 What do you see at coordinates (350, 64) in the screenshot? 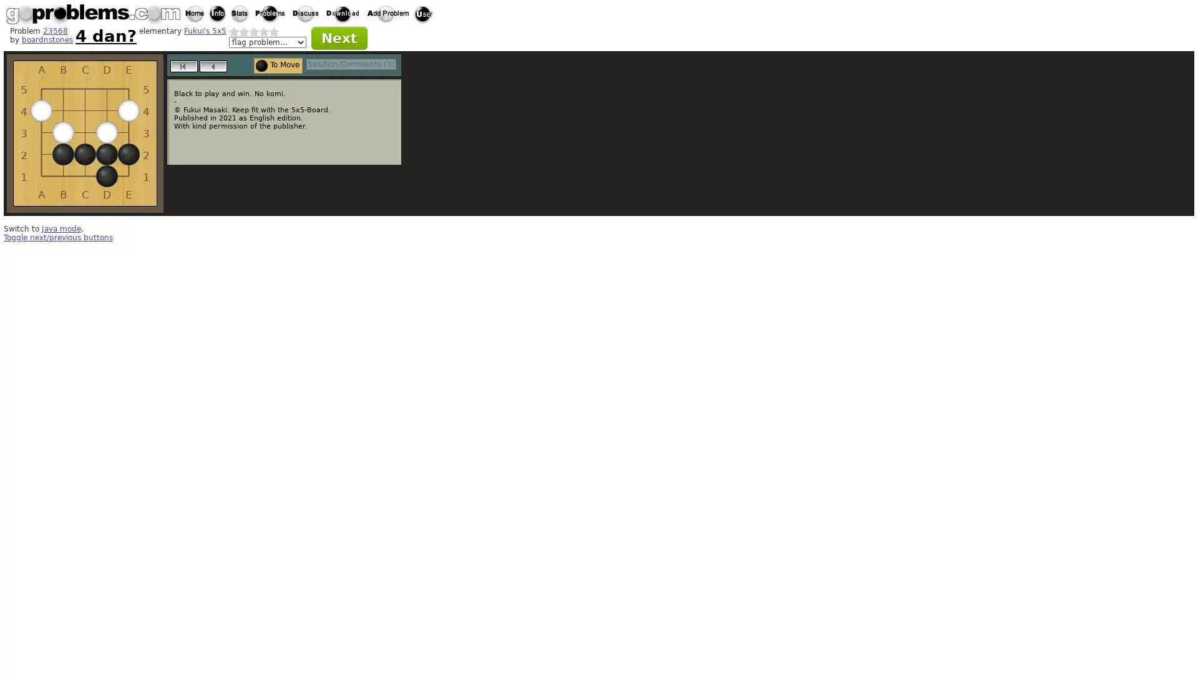
I see `Solution/Comments (3)` at bounding box center [350, 64].